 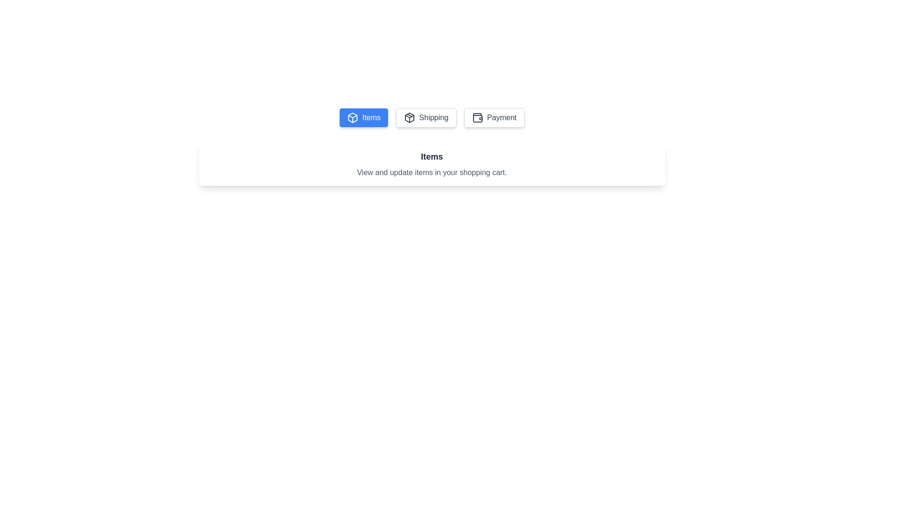 I want to click on the Items tab, so click(x=363, y=117).